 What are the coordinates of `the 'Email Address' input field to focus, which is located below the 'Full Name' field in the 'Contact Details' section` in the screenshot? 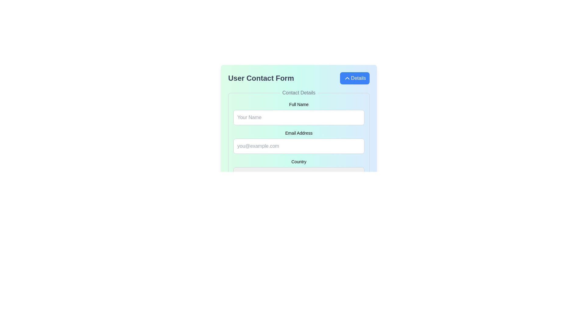 It's located at (299, 142).